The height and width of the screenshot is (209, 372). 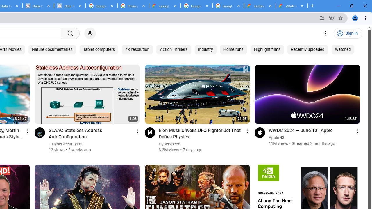 I want to click on 'Recently uploaded', so click(x=307, y=49).